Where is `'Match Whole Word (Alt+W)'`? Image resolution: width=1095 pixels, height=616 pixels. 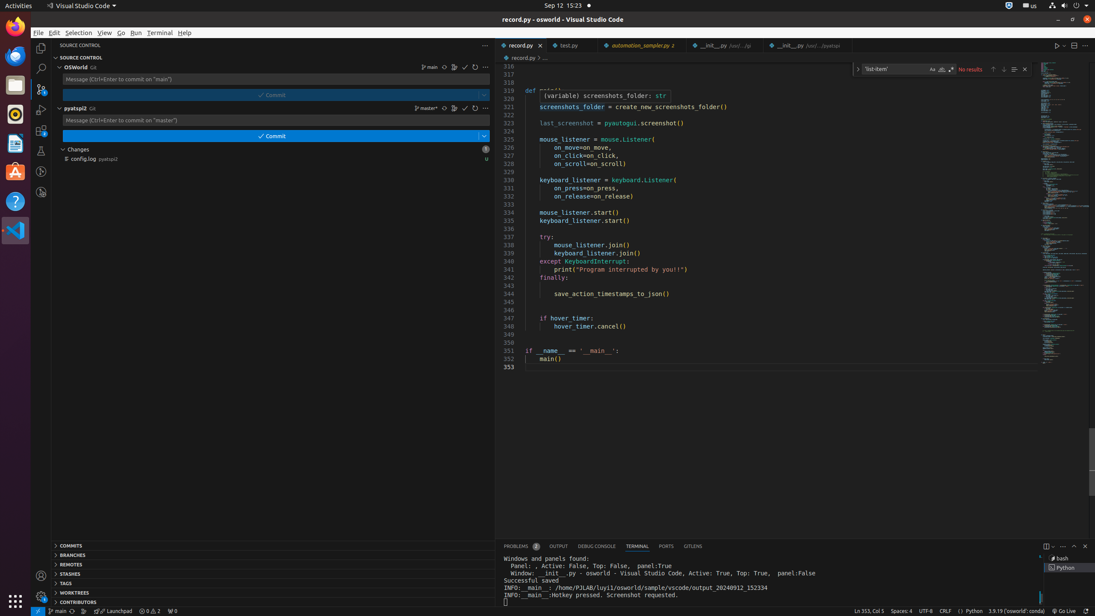
'Match Whole Word (Alt+W)' is located at coordinates (941, 69).